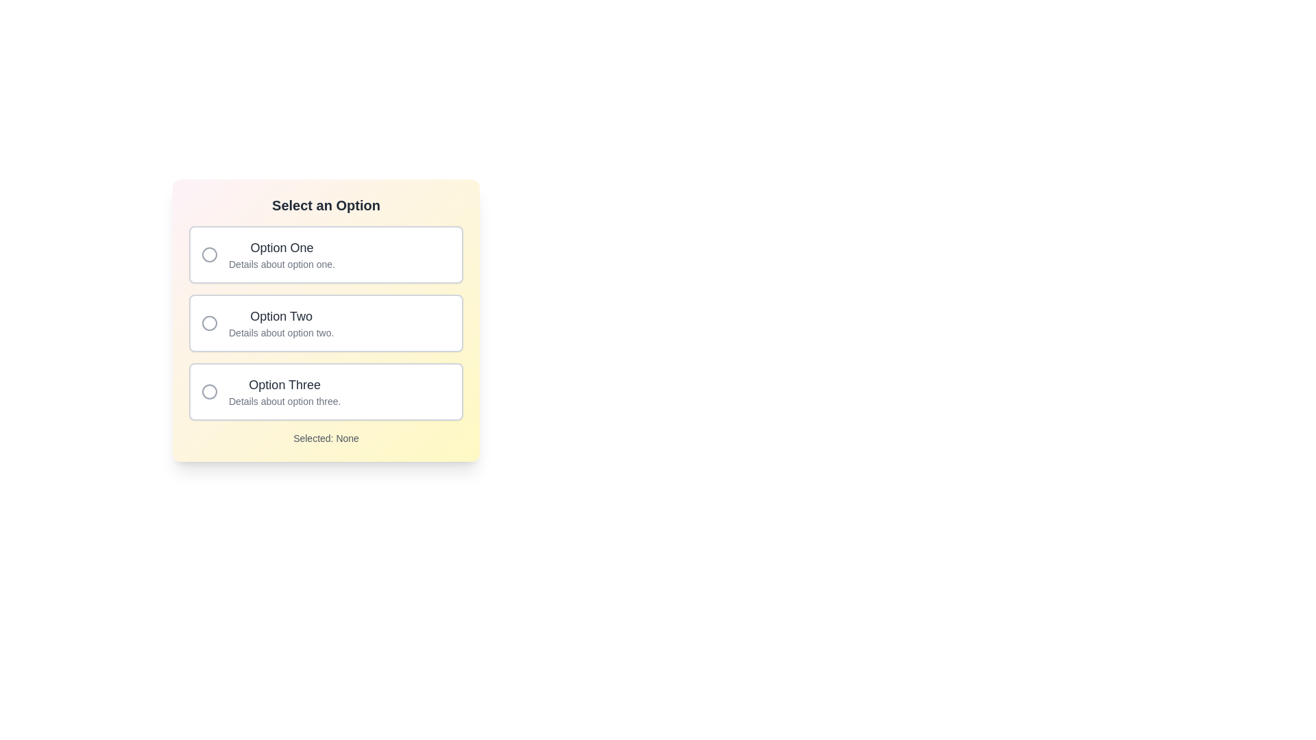  What do you see at coordinates (325, 391) in the screenshot?
I see `the radio button for 'Option Three'` at bounding box center [325, 391].